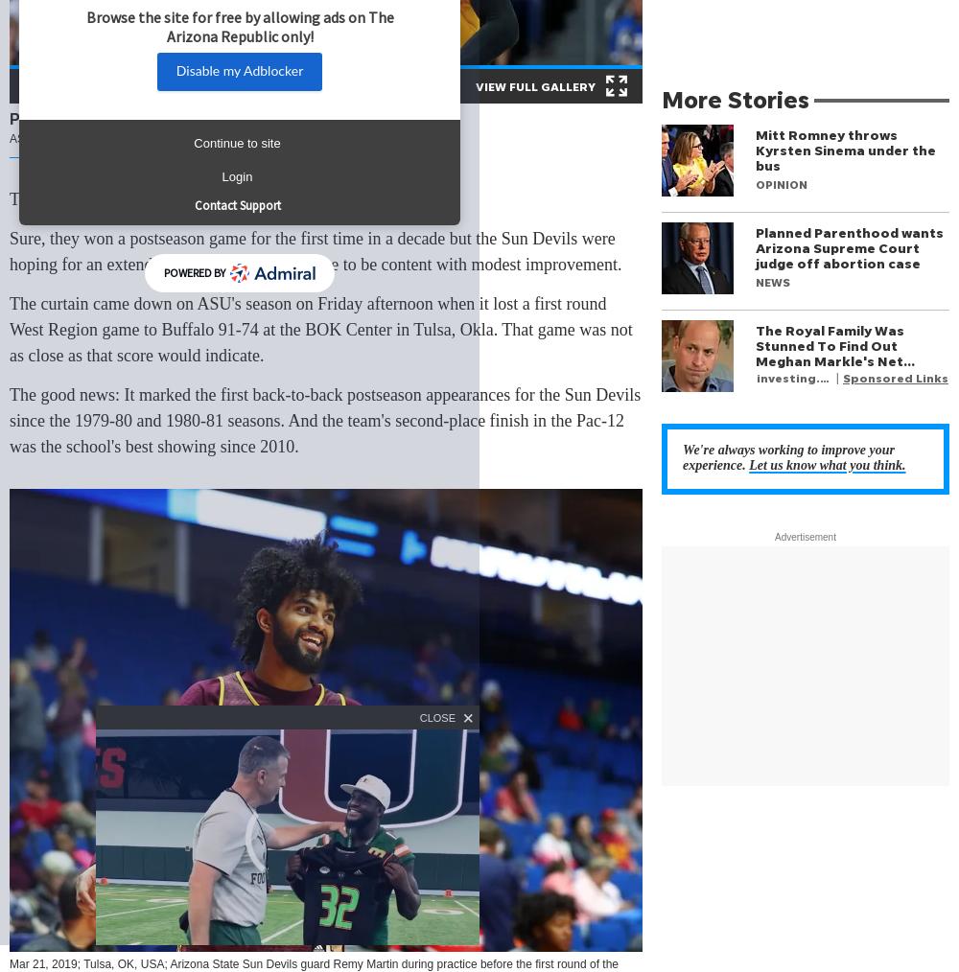  I want to click on 'The Arizona State men's basketball team wanted more.', so click(198, 197).